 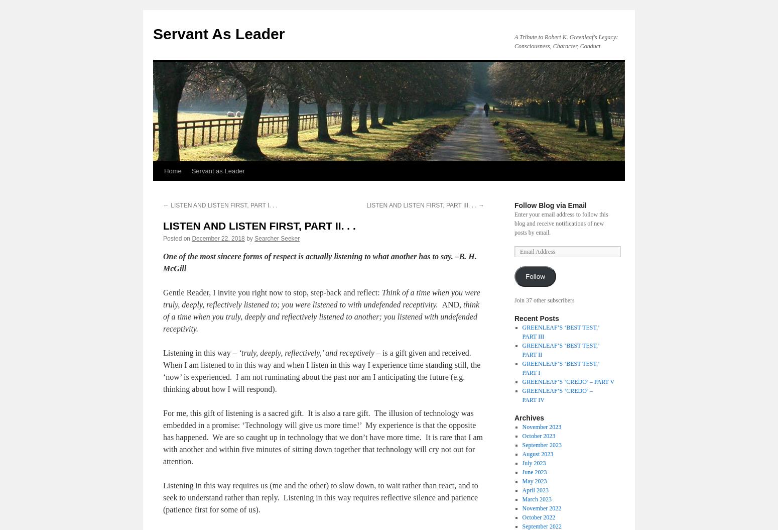 I want to click on 'October 2022', so click(x=539, y=516).